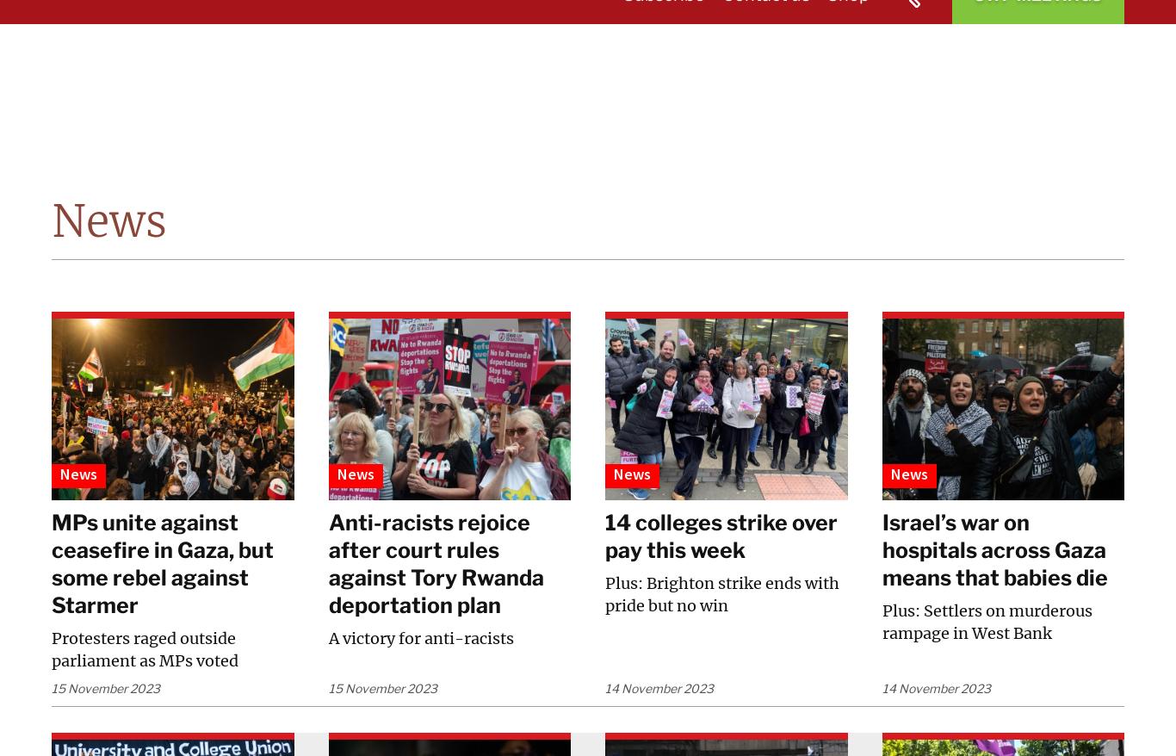  I want to click on 'Campaigns', so click(732, 284).